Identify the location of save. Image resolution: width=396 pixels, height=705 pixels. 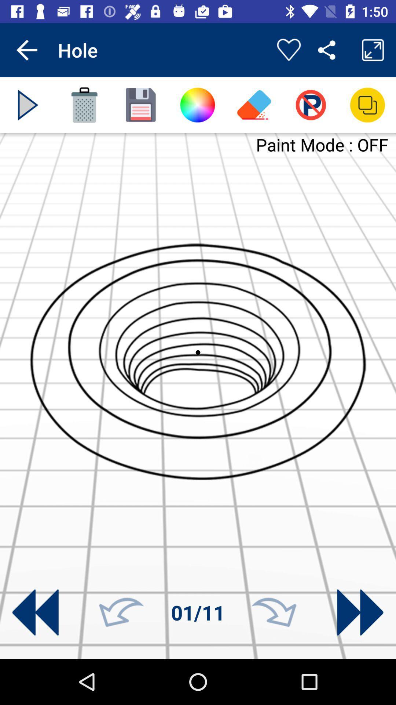
(141, 105).